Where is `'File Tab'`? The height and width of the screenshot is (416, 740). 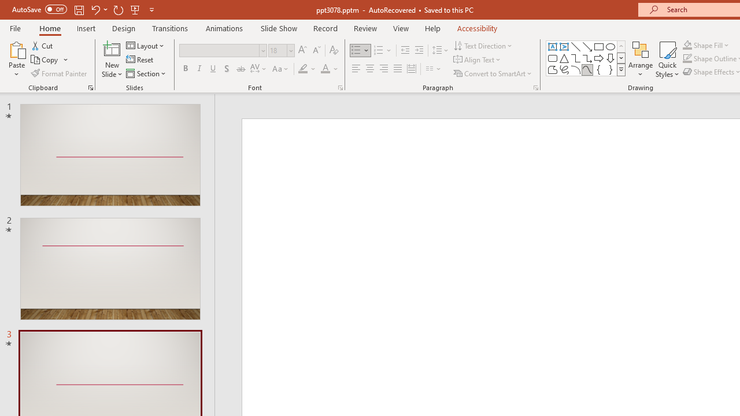 'File Tab' is located at coordinates (15, 27).